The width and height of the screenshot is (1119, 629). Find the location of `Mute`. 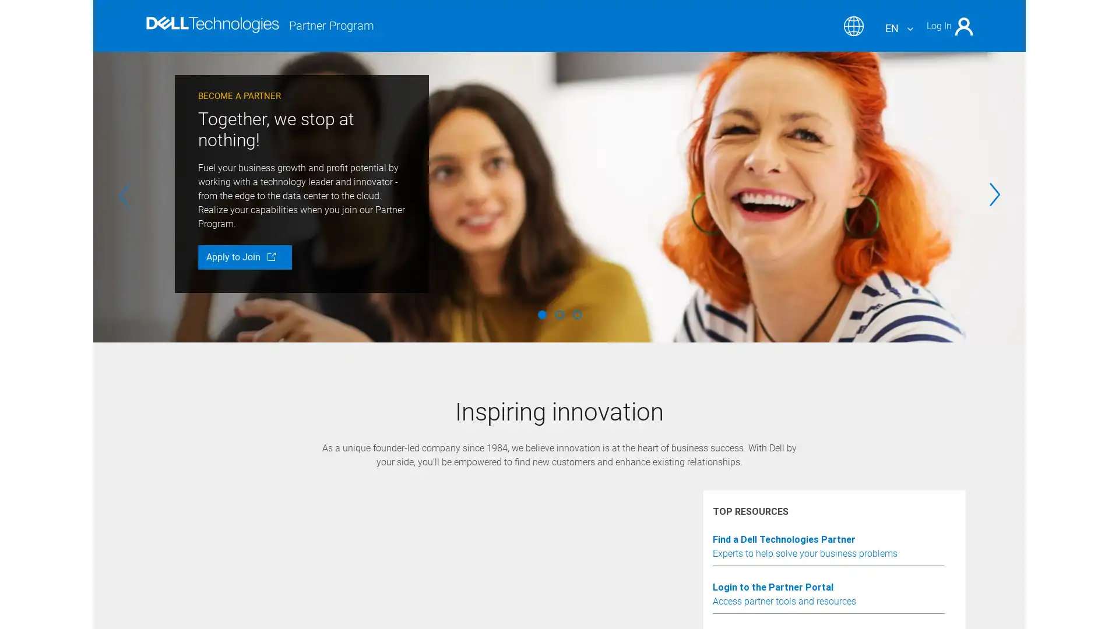

Mute is located at coordinates (238, 527).